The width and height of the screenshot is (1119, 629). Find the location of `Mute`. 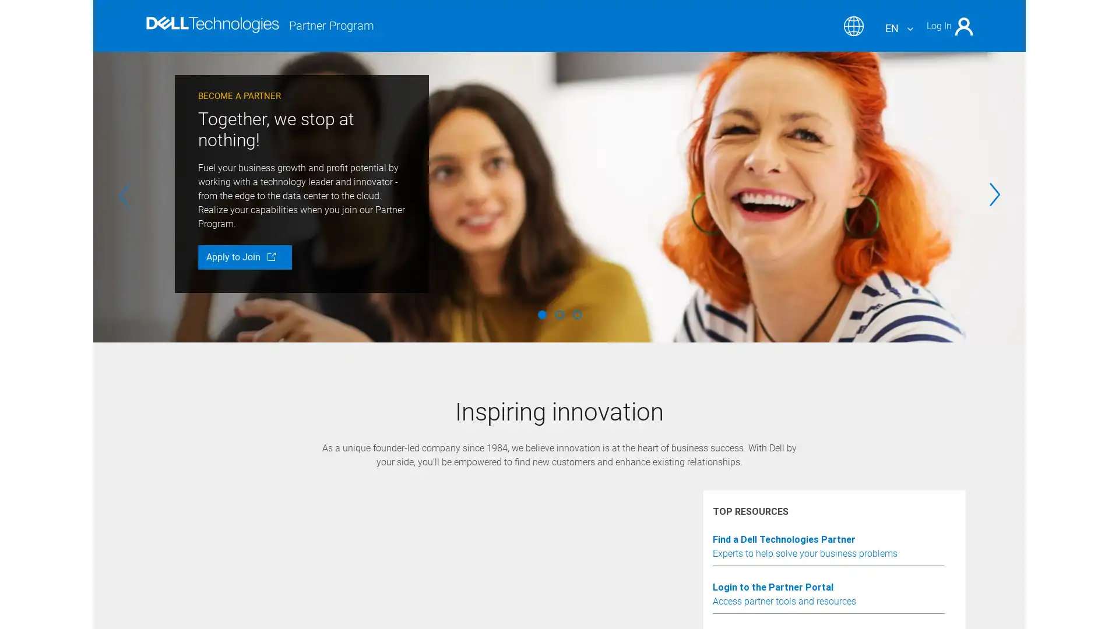

Mute is located at coordinates (238, 527).